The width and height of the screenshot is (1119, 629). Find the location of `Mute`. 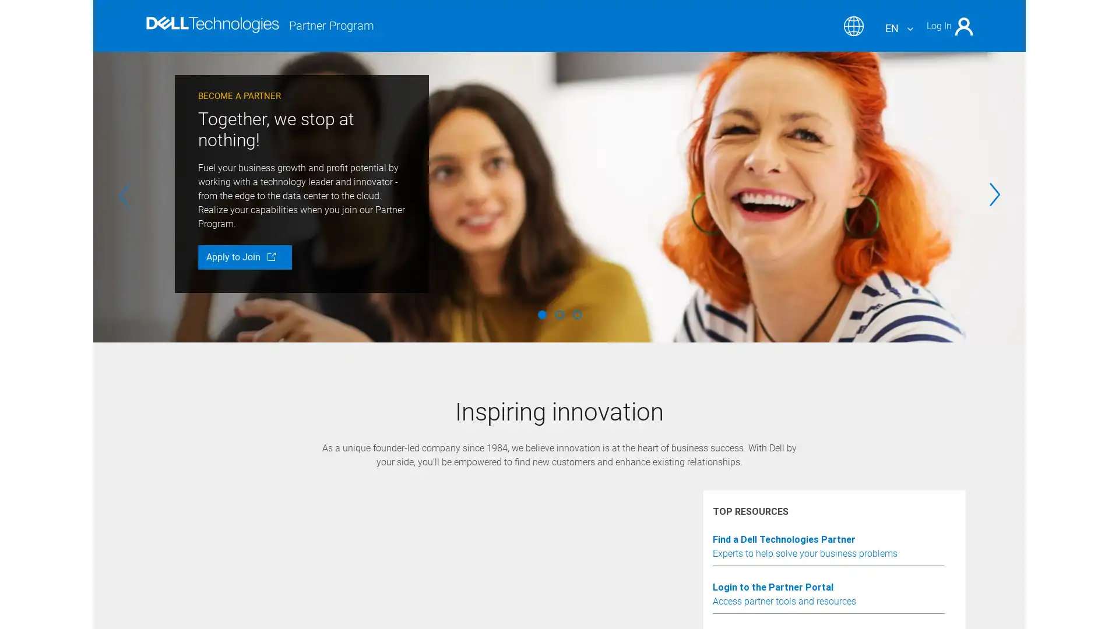

Mute is located at coordinates (238, 527).